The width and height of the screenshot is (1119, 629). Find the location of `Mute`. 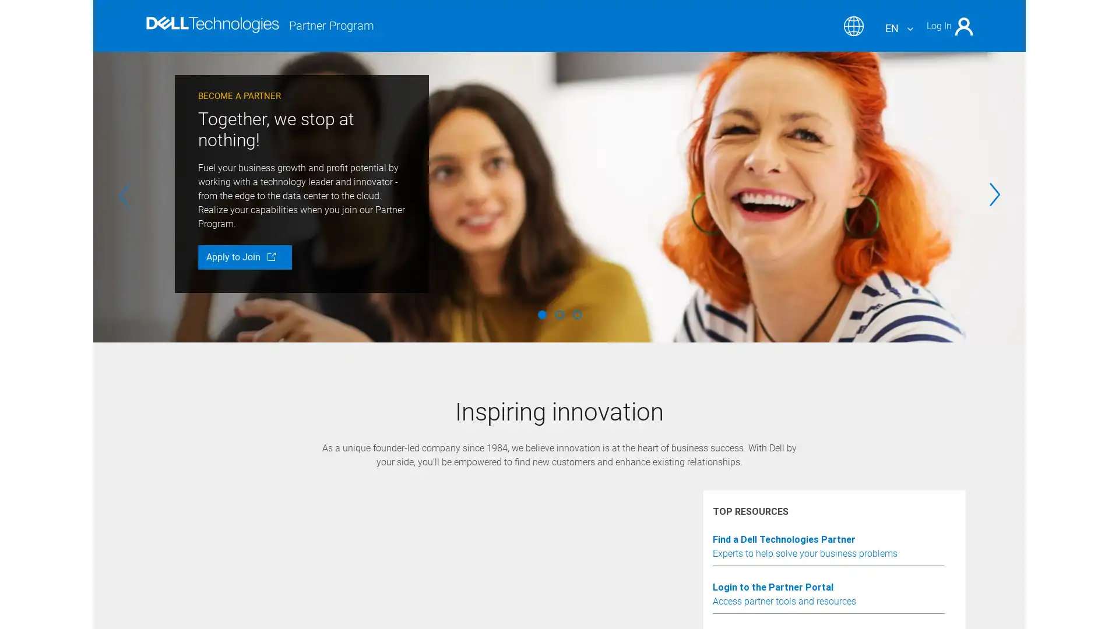

Mute is located at coordinates (238, 527).